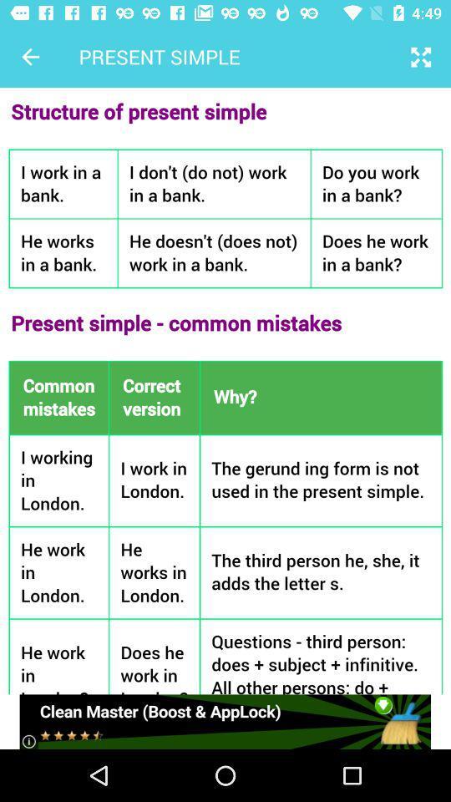  Describe the element at coordinates (30, 57) in the screenshot. I see `back the option` at that location.